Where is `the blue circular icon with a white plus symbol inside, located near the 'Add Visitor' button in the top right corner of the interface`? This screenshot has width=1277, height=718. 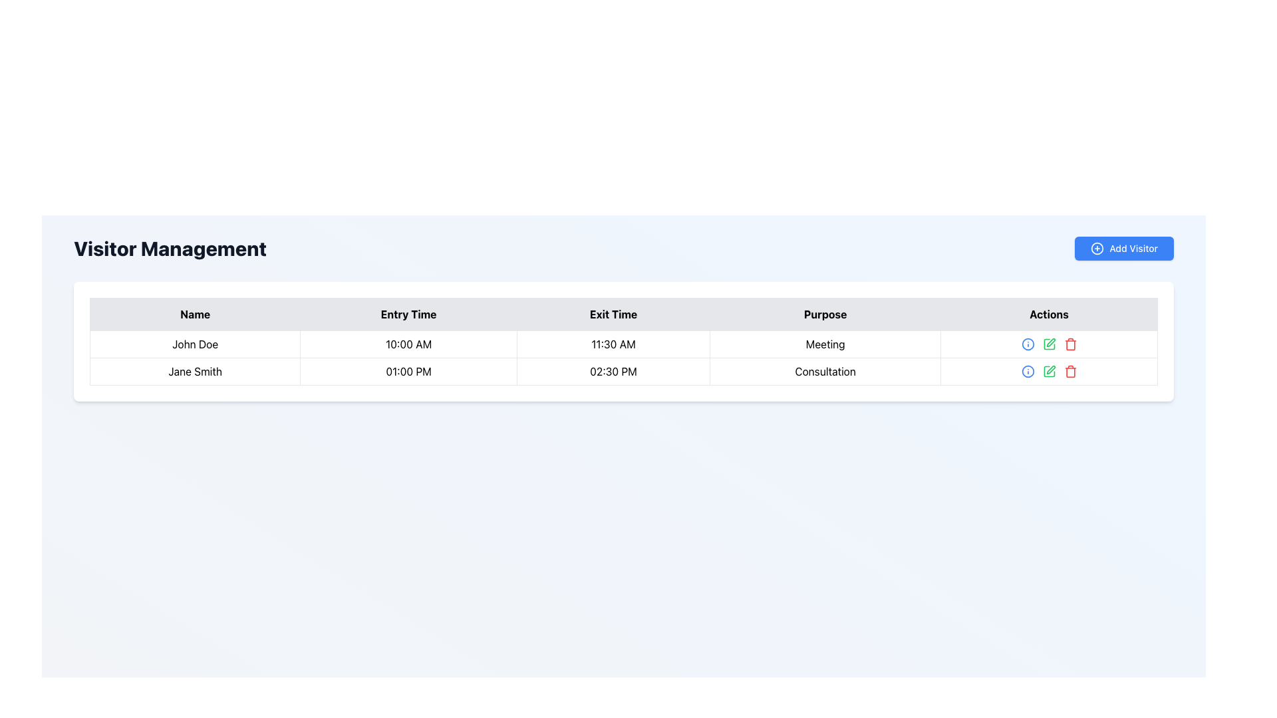 the blue circular icon with a white plus symbol inside, located near the 'Add Visitor' button in the top right corner of the interface is located at coordinates (1097, 249).